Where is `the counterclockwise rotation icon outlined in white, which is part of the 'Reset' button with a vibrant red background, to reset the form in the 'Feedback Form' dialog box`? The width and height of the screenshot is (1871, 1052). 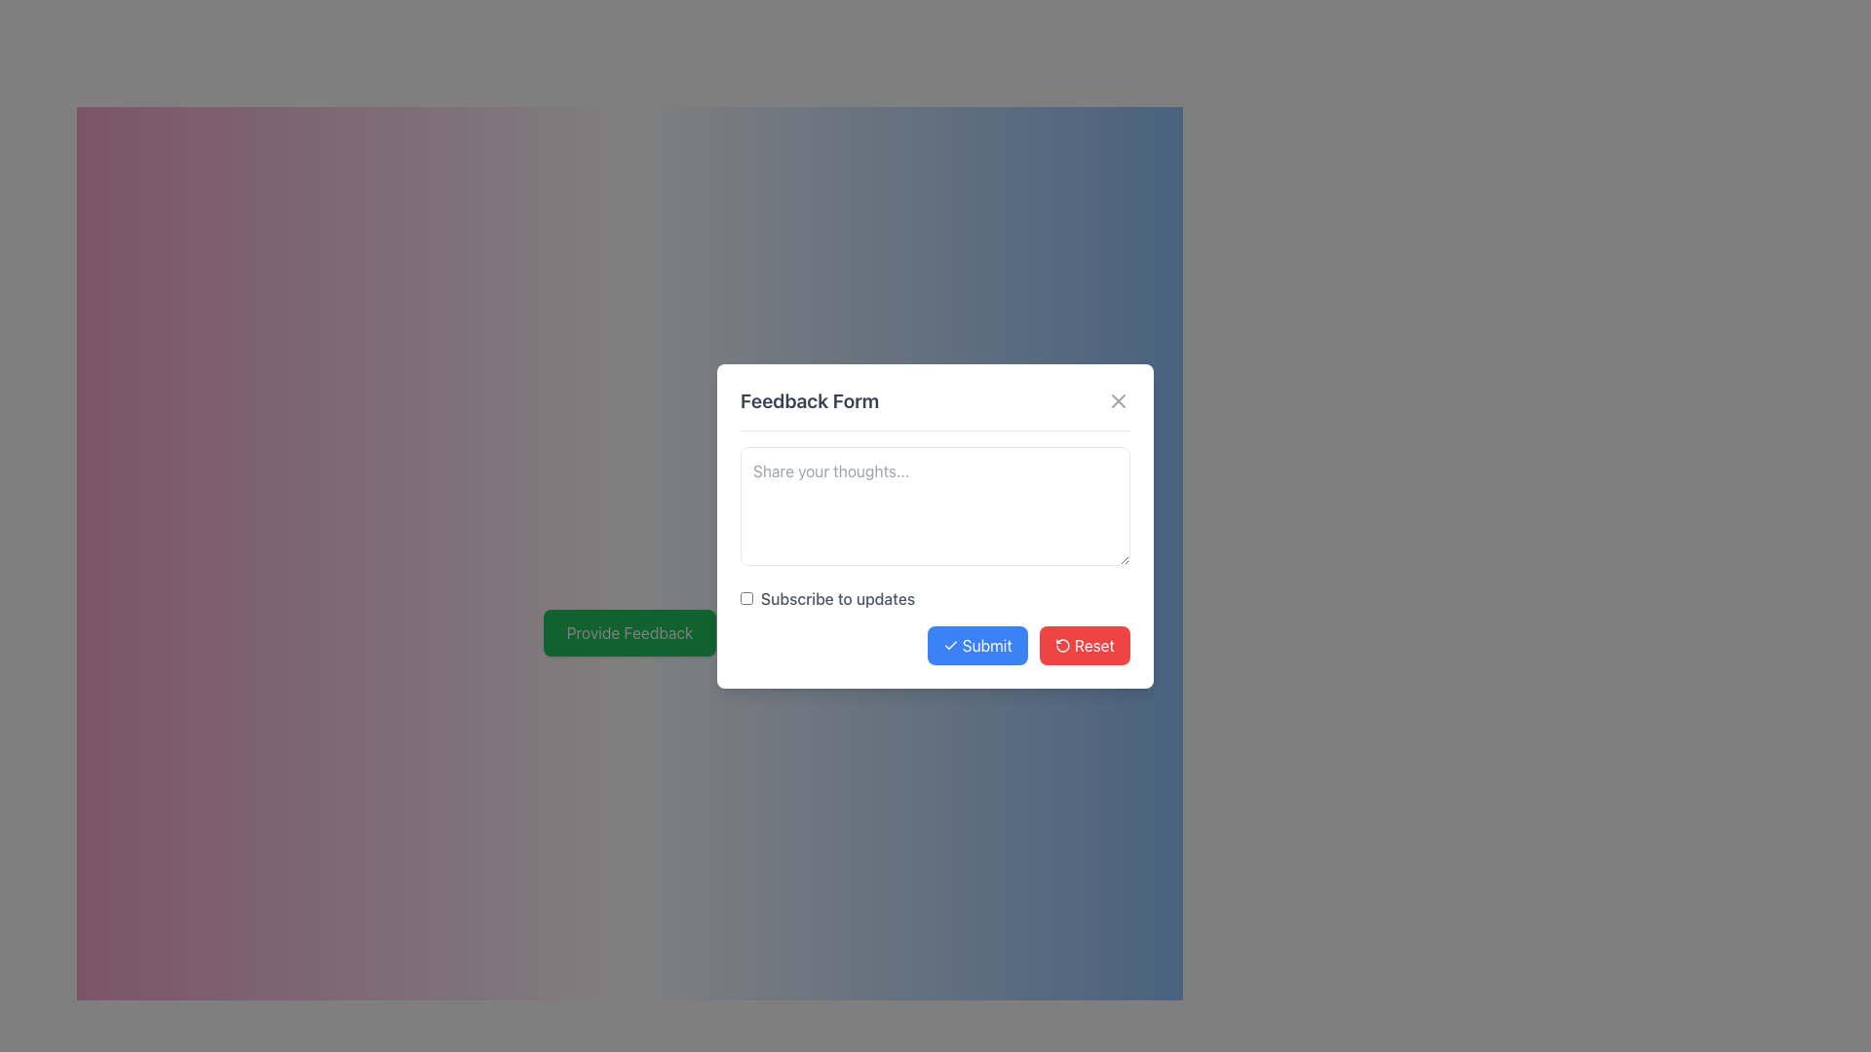
the counterclockwise rotation icon outlined in white, which is part of the 'Reset' button with a vibrant red background, to reset the form in the 'Feedback Form' dialog box is located at coordinates (1061, 645).